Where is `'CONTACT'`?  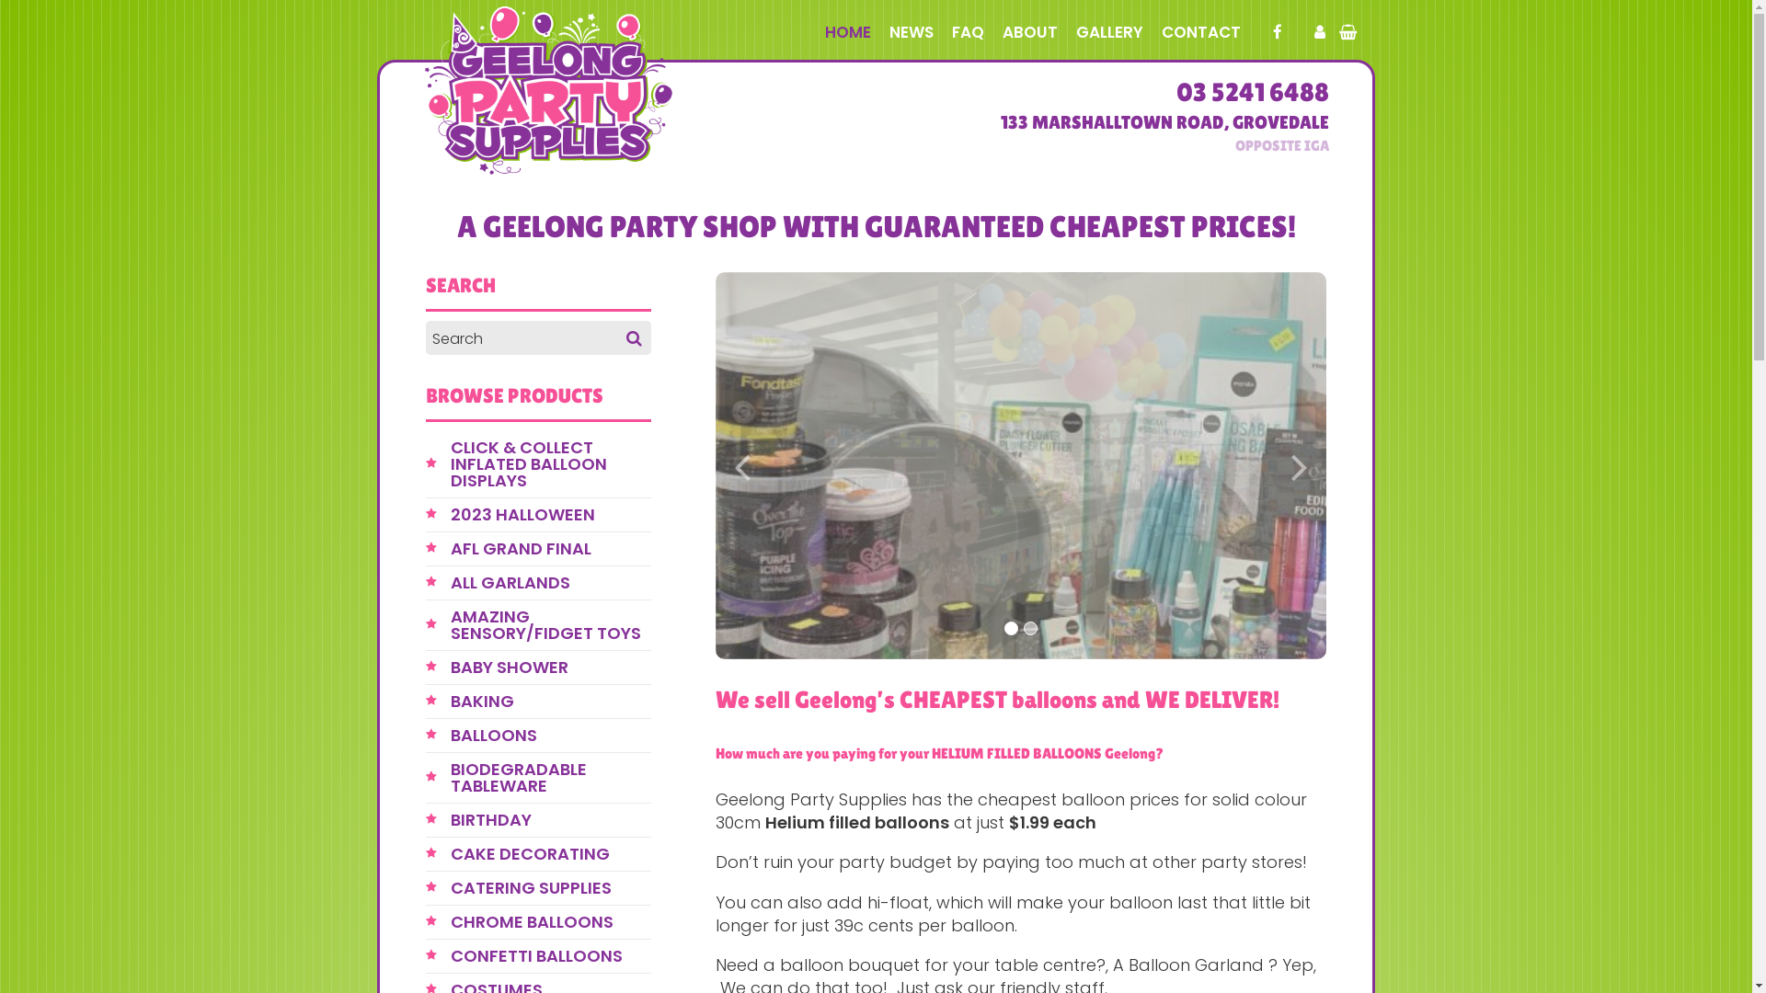
'CONTACT' is located at coordinates (1200, 31).